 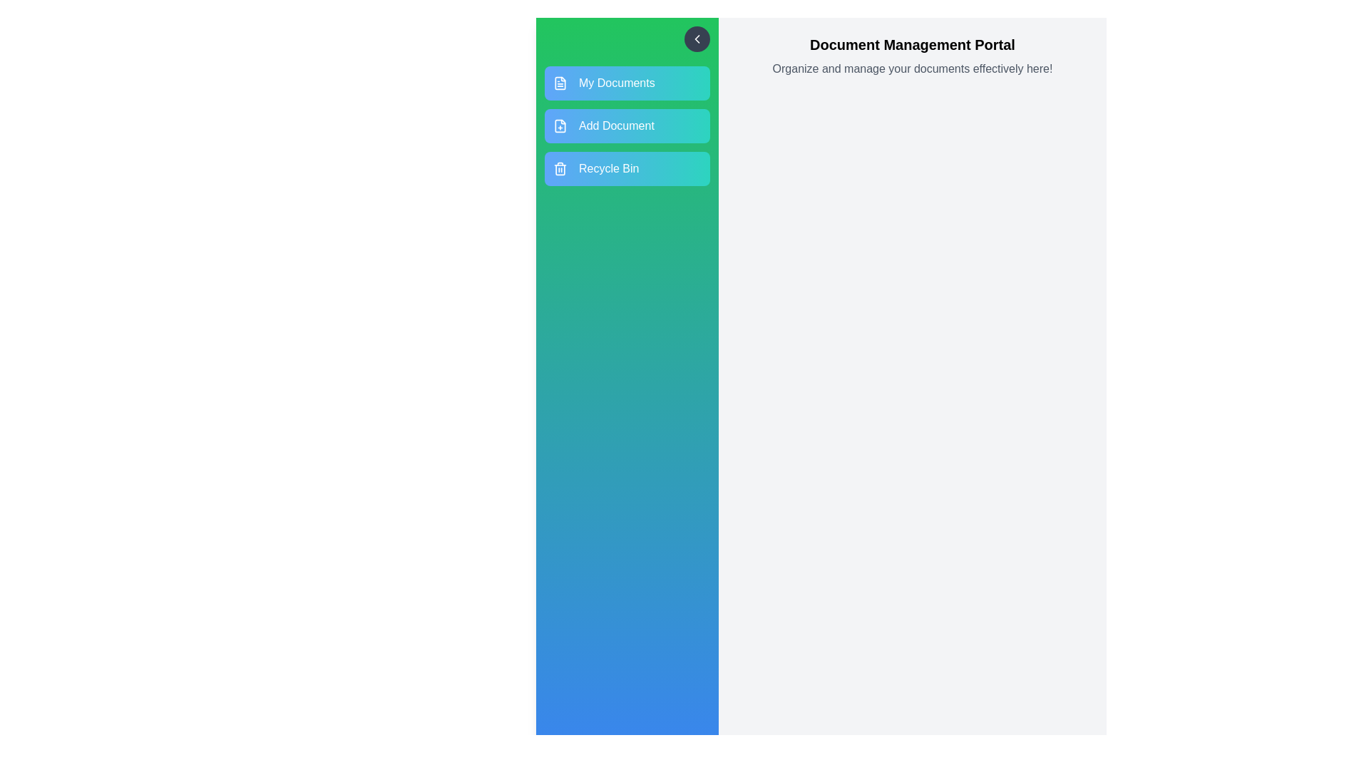 What do you see at coordinates (627, 168) in the screenshot?
I see `the menu option Recycle Bin` at bounding box center [627, 168].